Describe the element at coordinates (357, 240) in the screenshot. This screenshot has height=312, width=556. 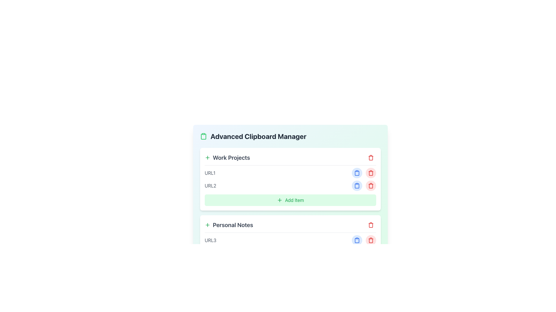
I see `the clipboard-shaped icon button with a blue color located in the 'Personal Notes' section to initiate the copy action` at that location.